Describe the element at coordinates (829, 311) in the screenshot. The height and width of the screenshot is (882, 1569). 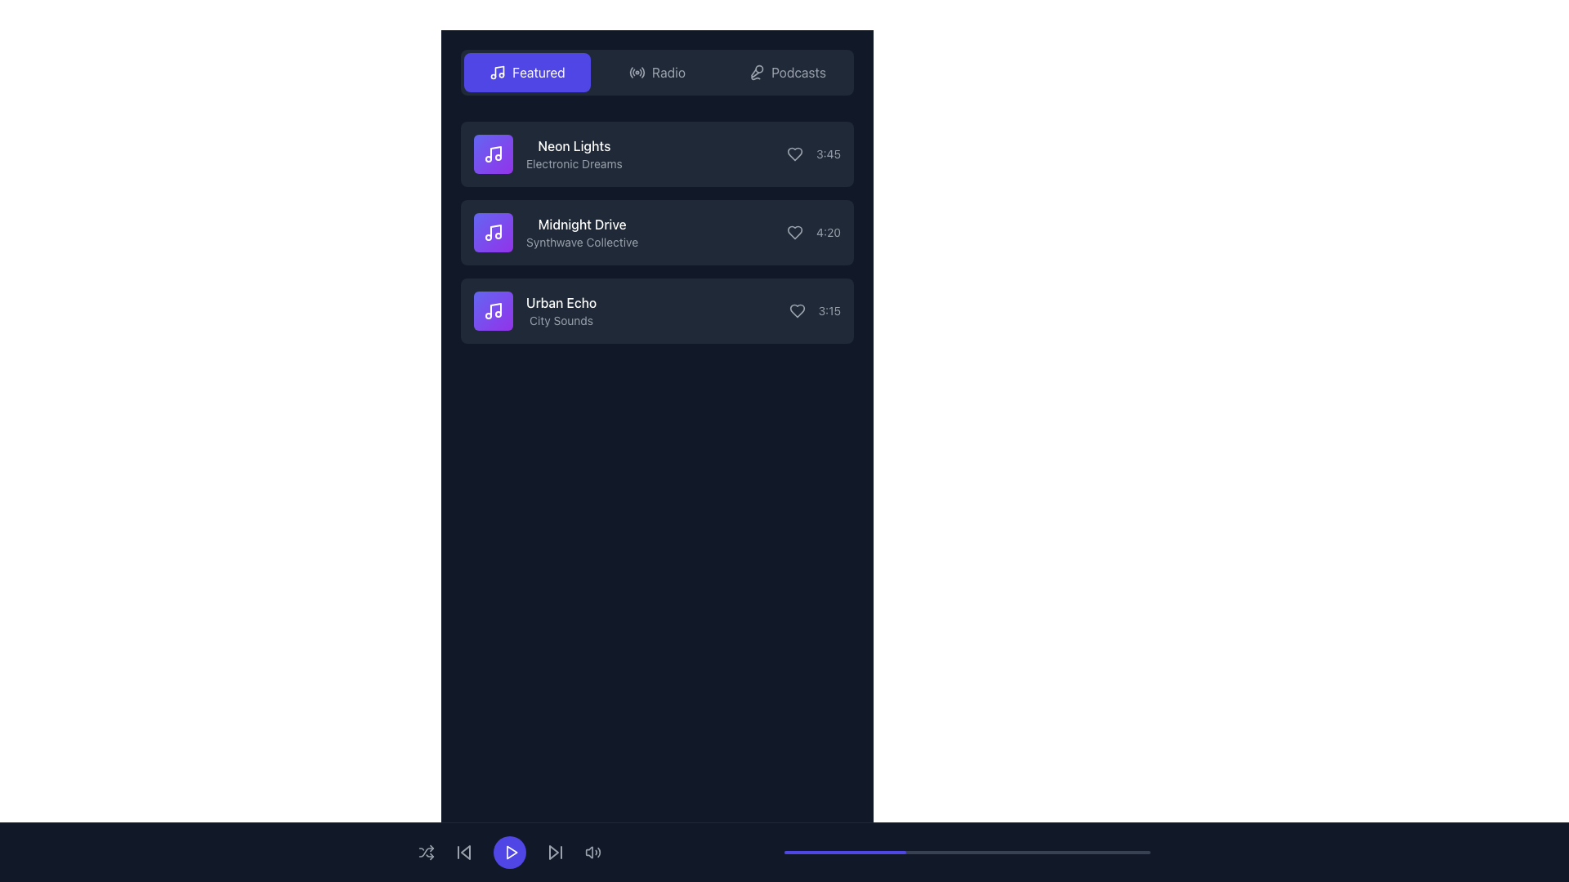
I see `the text display showing the time '3:15', which is part of the music library UI for the track 'Urban Echo', positioned in the top-right corner of the item row` at that location.